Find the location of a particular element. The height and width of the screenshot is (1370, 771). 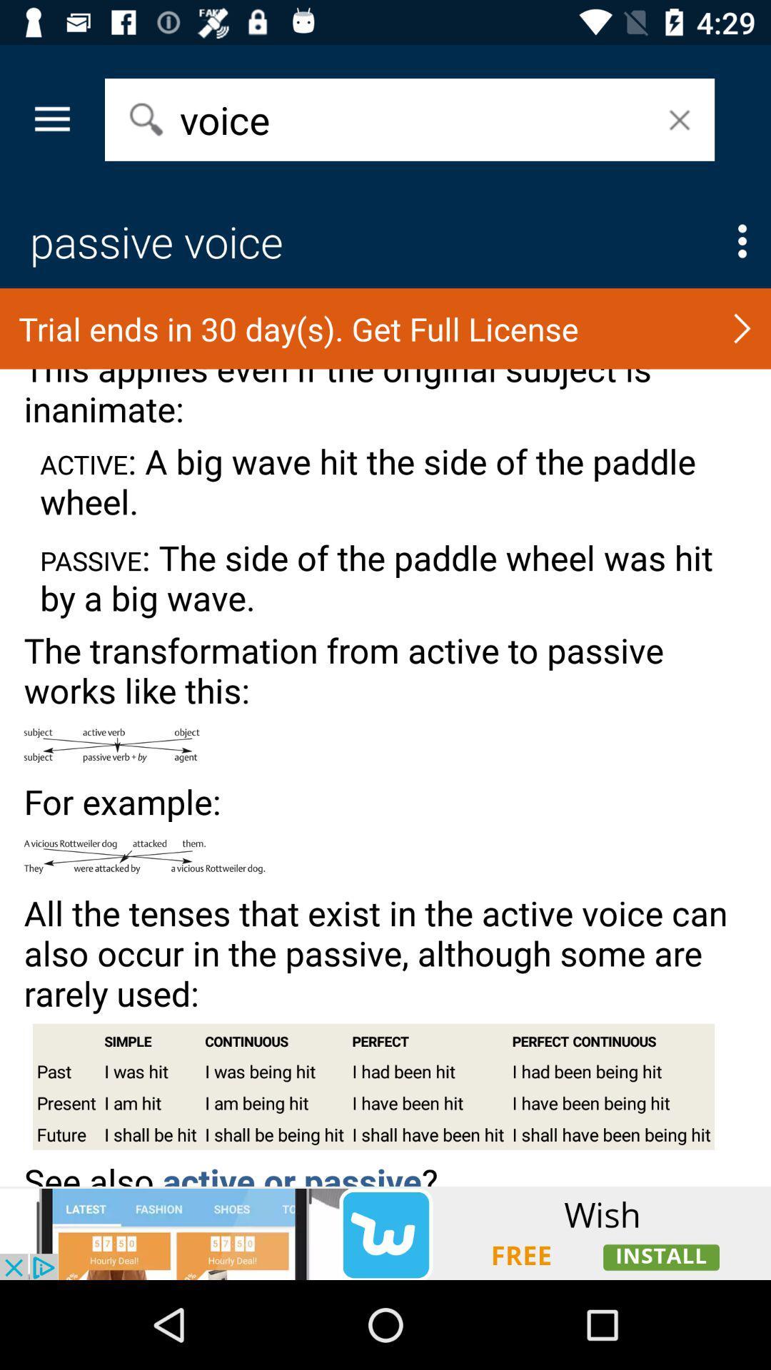

banner is located at coordinates (385, 1232).